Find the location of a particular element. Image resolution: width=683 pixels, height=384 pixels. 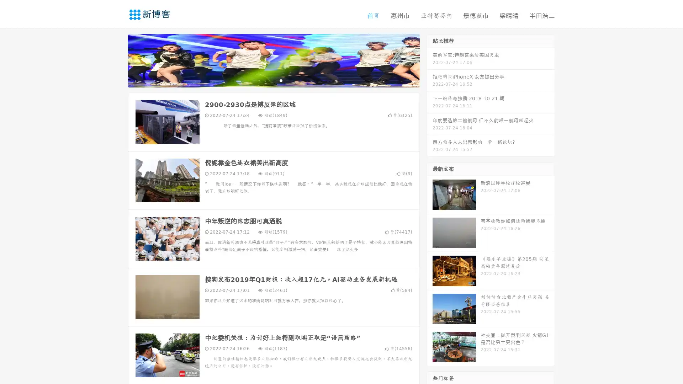

Go to slide 2 is located at coordinates (273, 80).